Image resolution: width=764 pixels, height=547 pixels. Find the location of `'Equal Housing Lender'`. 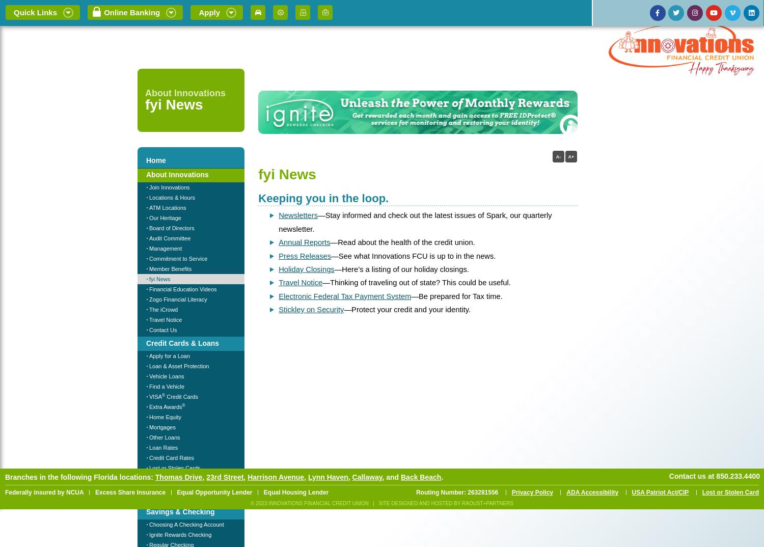

'Equal Housing Lender' is located at coordinates (295, 492).